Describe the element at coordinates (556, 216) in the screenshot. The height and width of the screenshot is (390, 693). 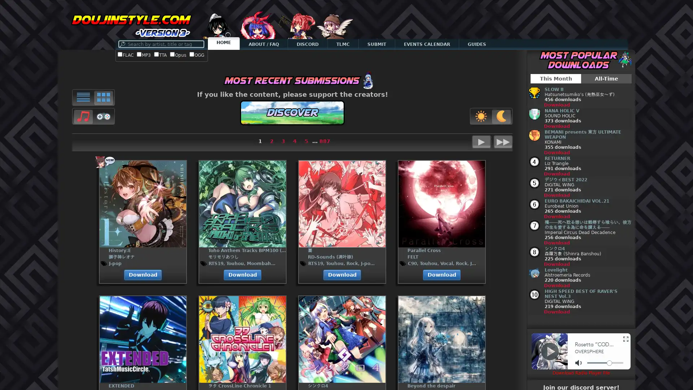
I see `Download` at that location.